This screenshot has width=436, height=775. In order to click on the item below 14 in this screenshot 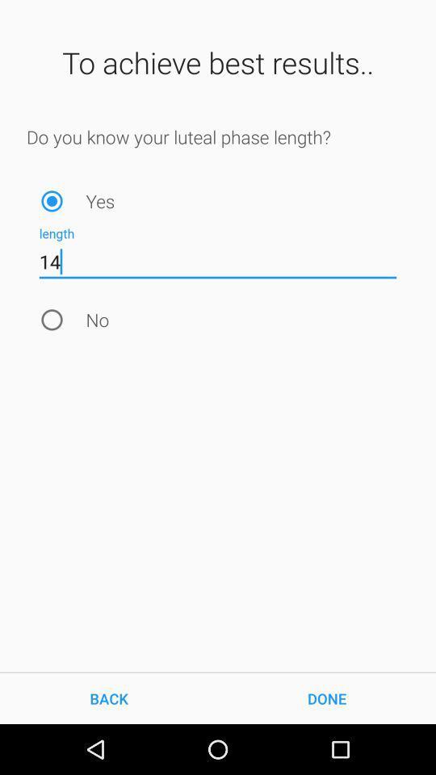, I will do `click(52, 319)`.